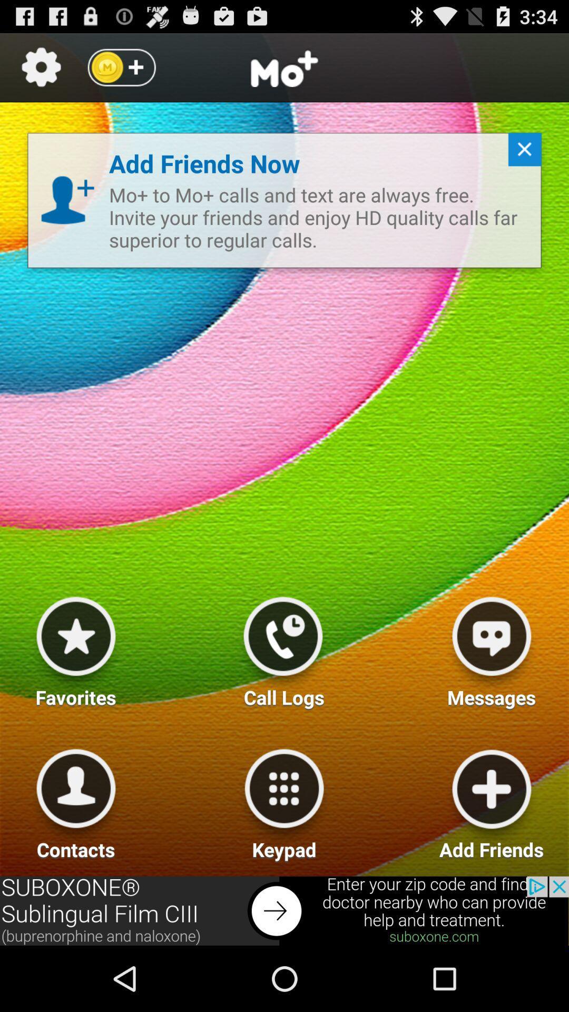  What do you see at coordinates (75, 647) in the screenshot?
I see `favorites` at bounding box center [75, 647].